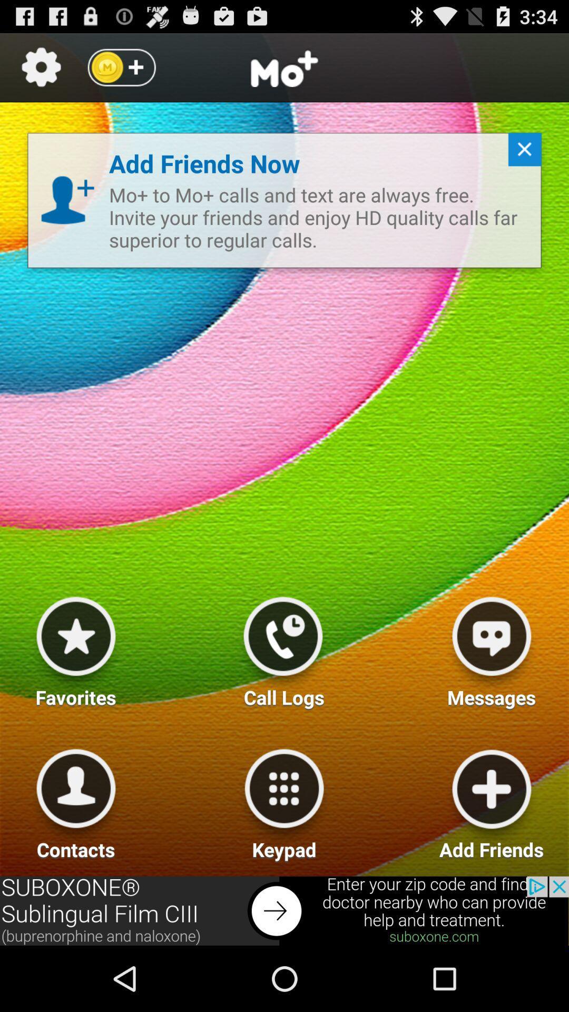  What do you see at coordinates (75, 647) in the screenshot?
I see `favorites` at bounding box center [75, 647].